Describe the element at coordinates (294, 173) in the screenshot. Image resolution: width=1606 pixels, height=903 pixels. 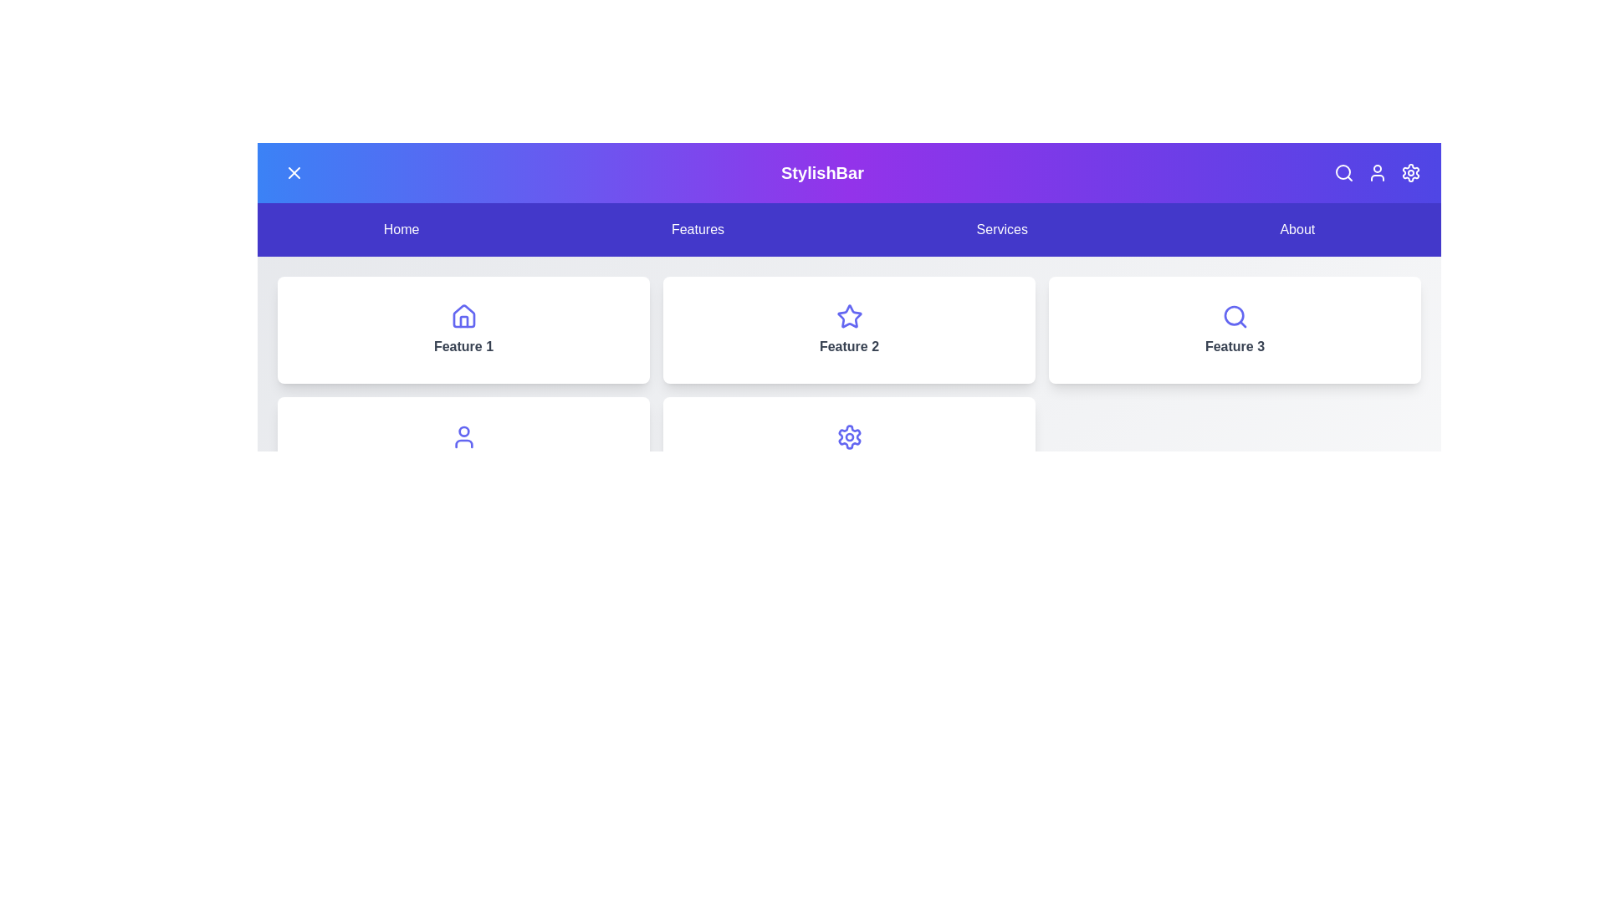
I see `button with the 'X' icon to toggle the menu visibility` at that location.